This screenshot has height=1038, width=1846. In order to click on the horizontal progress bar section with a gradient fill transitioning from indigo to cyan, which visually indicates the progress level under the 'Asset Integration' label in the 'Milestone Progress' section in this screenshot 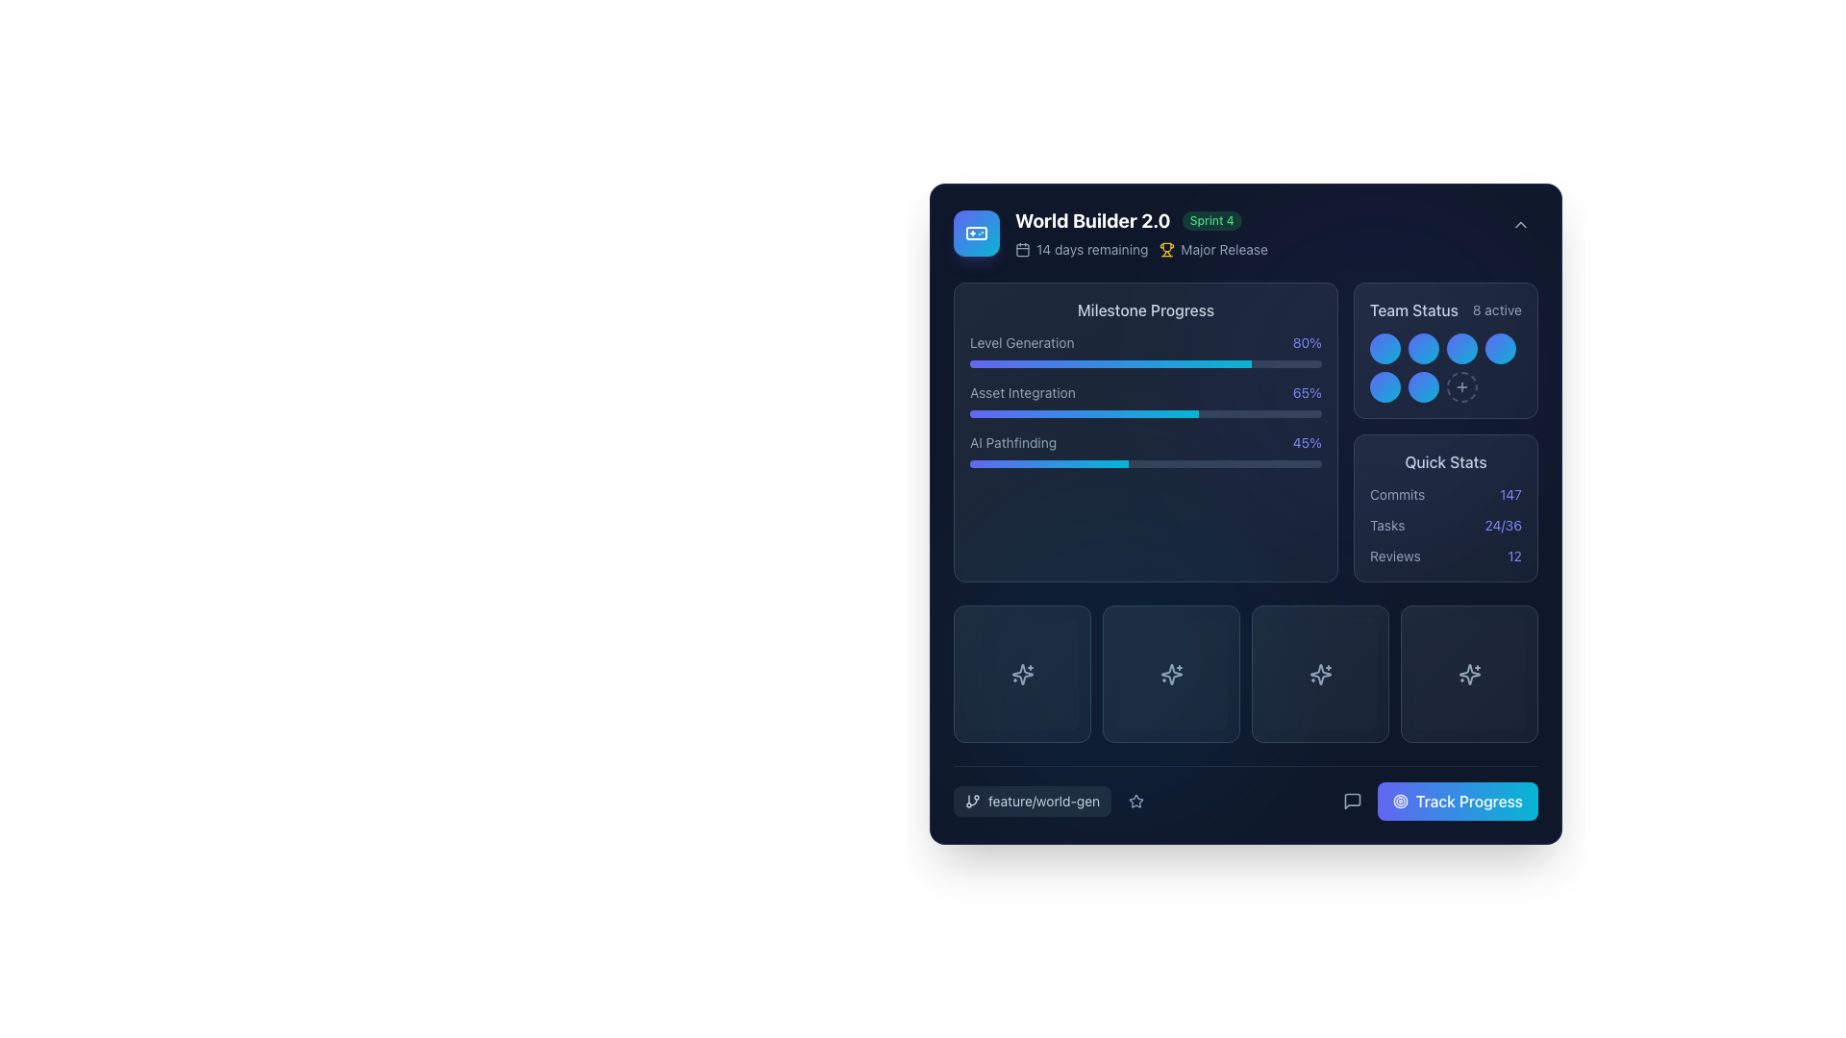, I will do `click(1085, 413)`.